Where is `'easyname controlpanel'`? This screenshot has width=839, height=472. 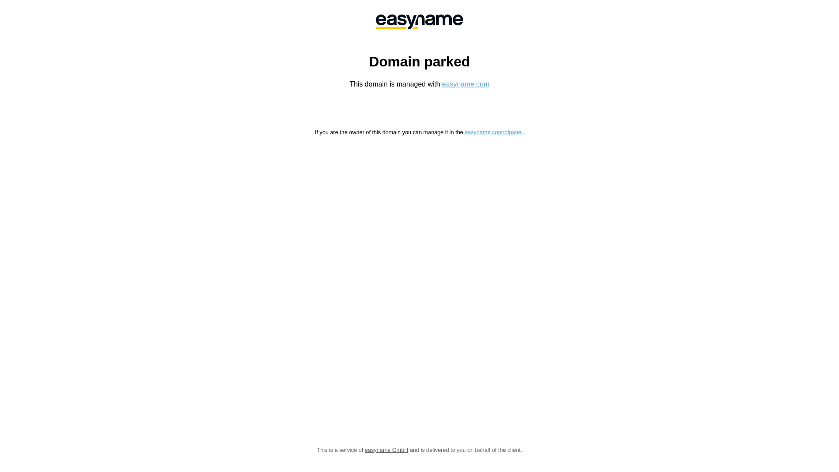
'easyname controlpanel' is located at coordinates (464, 132).